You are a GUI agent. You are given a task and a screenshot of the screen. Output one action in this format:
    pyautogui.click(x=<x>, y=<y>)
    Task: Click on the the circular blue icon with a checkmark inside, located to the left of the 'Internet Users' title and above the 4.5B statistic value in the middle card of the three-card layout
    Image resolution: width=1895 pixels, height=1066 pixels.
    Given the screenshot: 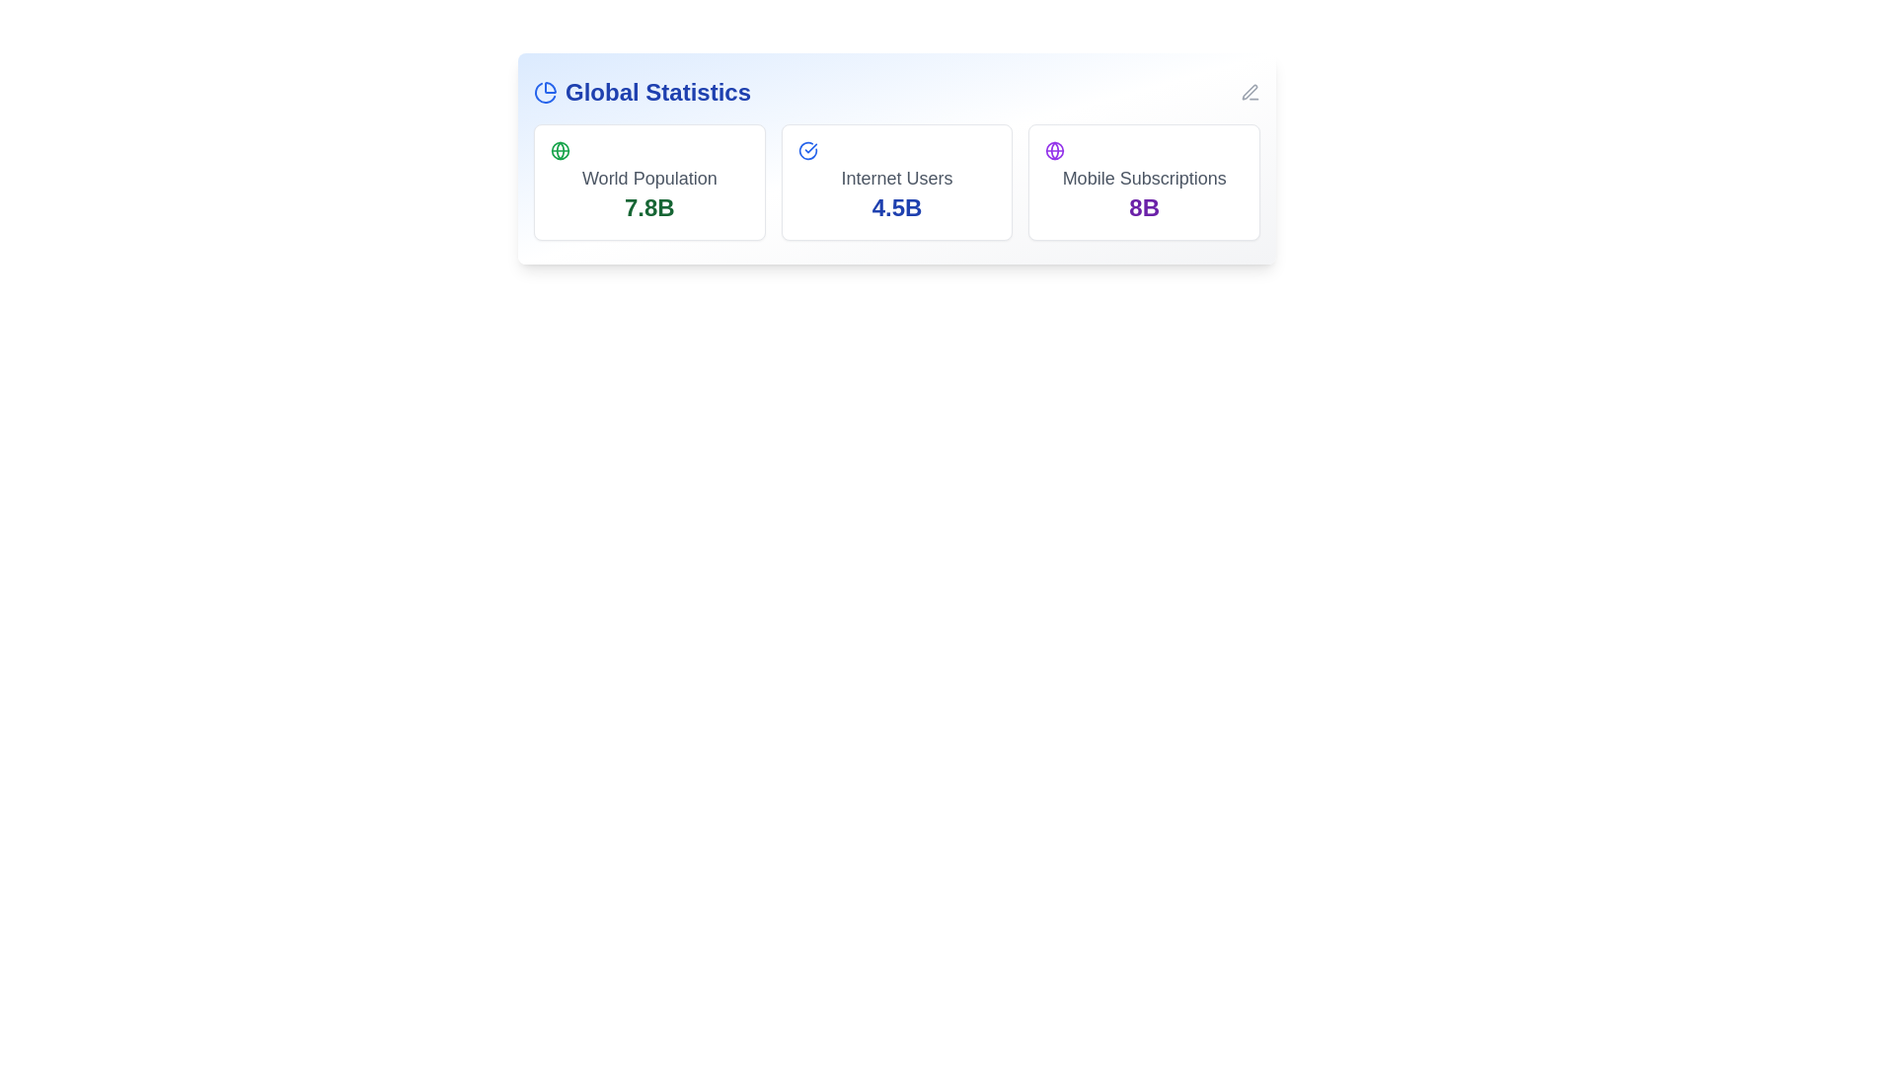 What is the action you would take?
    pyautogui.click(x=807, y=150)
    